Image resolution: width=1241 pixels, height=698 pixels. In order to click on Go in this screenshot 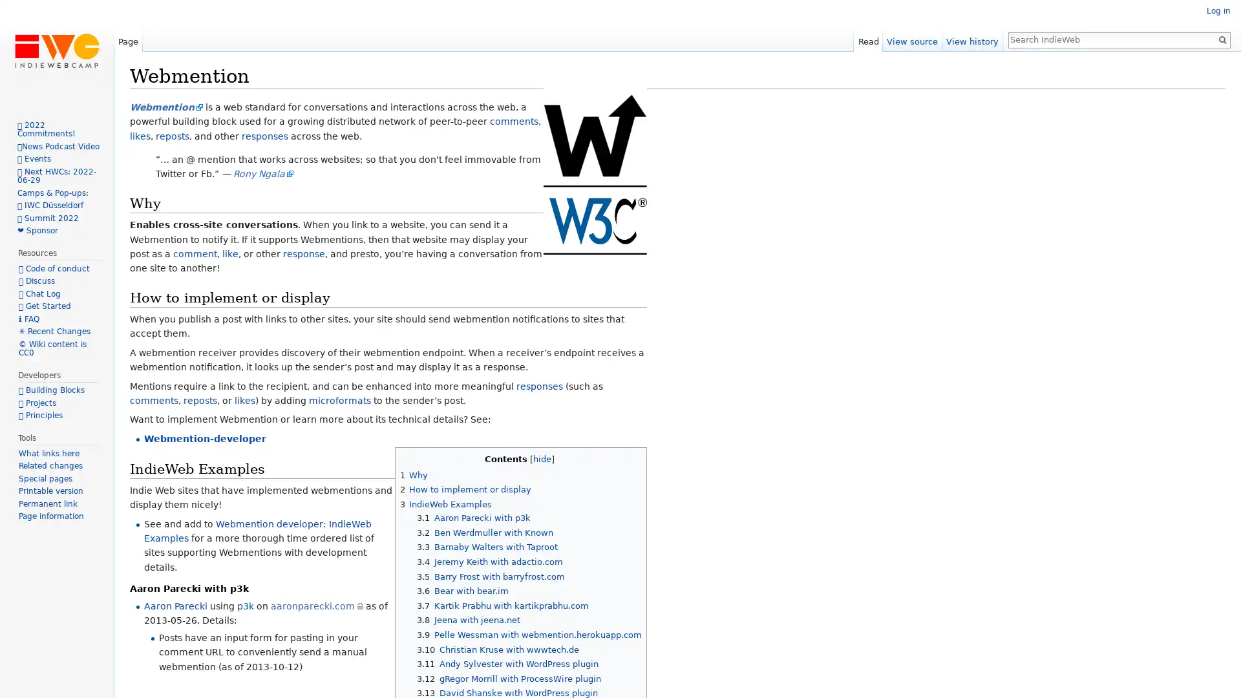, I will do `click(1222, 39)`.